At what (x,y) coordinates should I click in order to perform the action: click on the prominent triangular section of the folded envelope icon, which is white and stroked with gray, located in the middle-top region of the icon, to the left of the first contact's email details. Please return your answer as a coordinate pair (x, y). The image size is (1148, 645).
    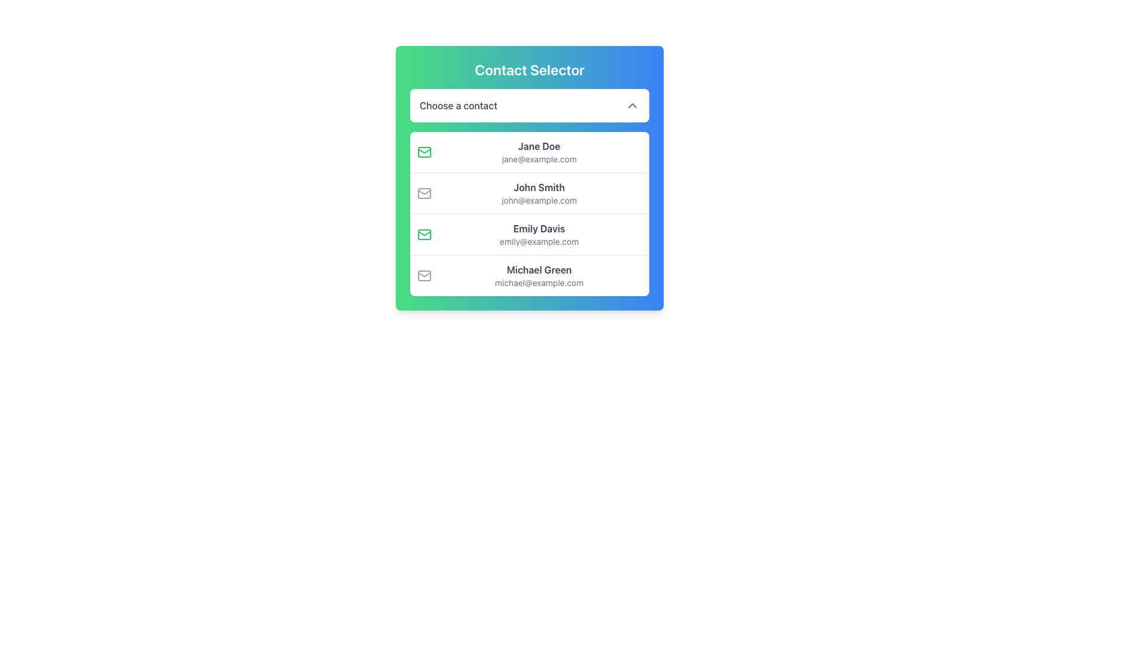
    Looking at the image, I should click on (425, 191).